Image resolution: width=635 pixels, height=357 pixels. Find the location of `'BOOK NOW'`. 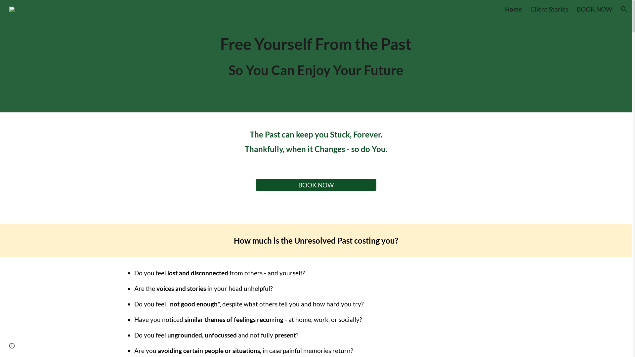

'BOOK NOW' is located at coordinates (594, 9).